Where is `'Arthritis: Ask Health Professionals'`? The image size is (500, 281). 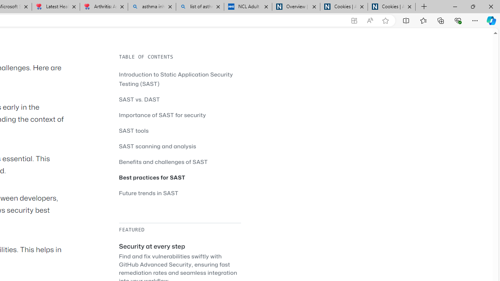
'Arthritis: Ask Health Professionals' is located at coordinates (103, 7).